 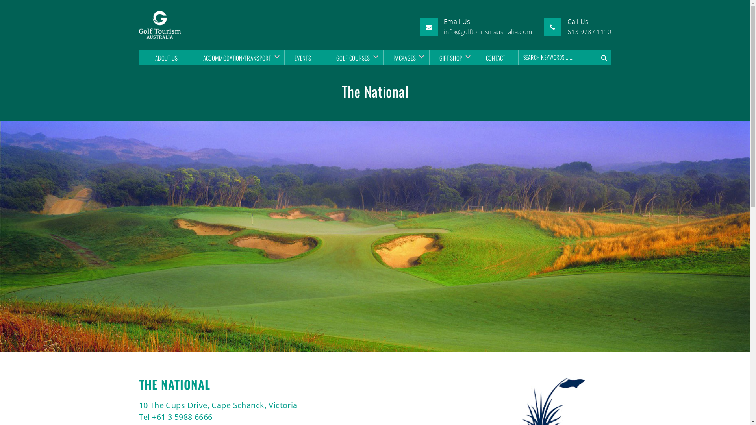 What do you see at coordinates (166, 57) in the screenshot?
I see `'ABOUT US'` at bounding box center [166, 57].